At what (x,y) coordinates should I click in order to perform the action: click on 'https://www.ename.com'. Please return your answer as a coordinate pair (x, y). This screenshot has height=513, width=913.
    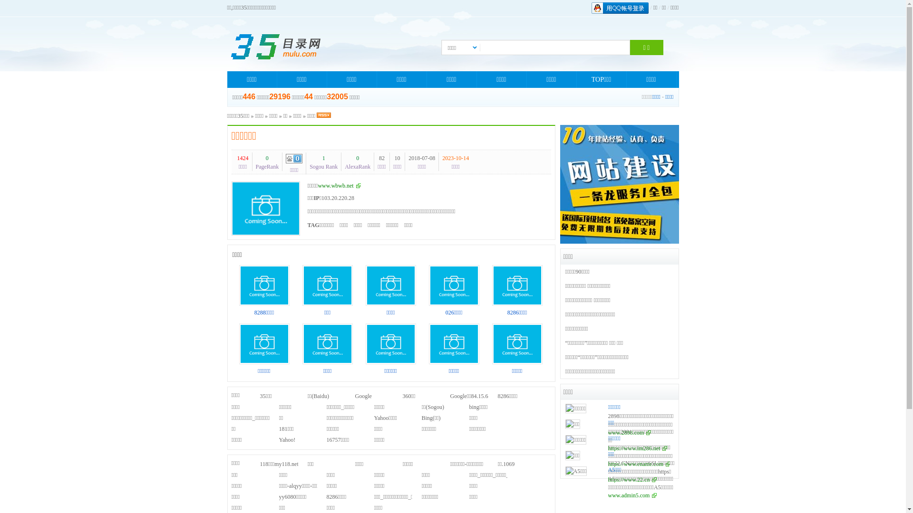
    Looking at the image, I should click on (639, 463).